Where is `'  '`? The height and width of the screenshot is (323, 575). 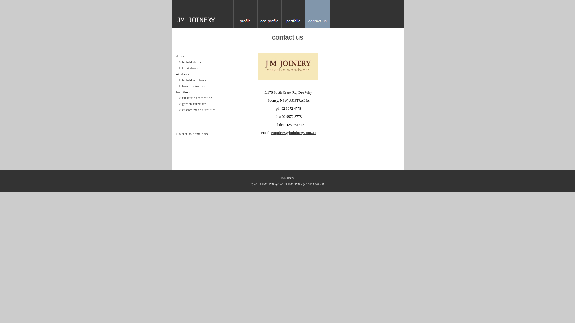 '  ' is located at coordinates (200, 116).